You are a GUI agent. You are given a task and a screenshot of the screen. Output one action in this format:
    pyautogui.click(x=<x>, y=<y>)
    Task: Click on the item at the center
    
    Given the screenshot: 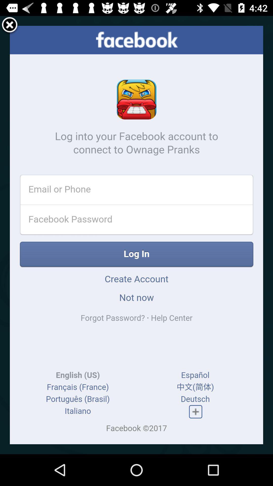 What is the action you would take?
    pyautogui.click(x=136, y=235)
    